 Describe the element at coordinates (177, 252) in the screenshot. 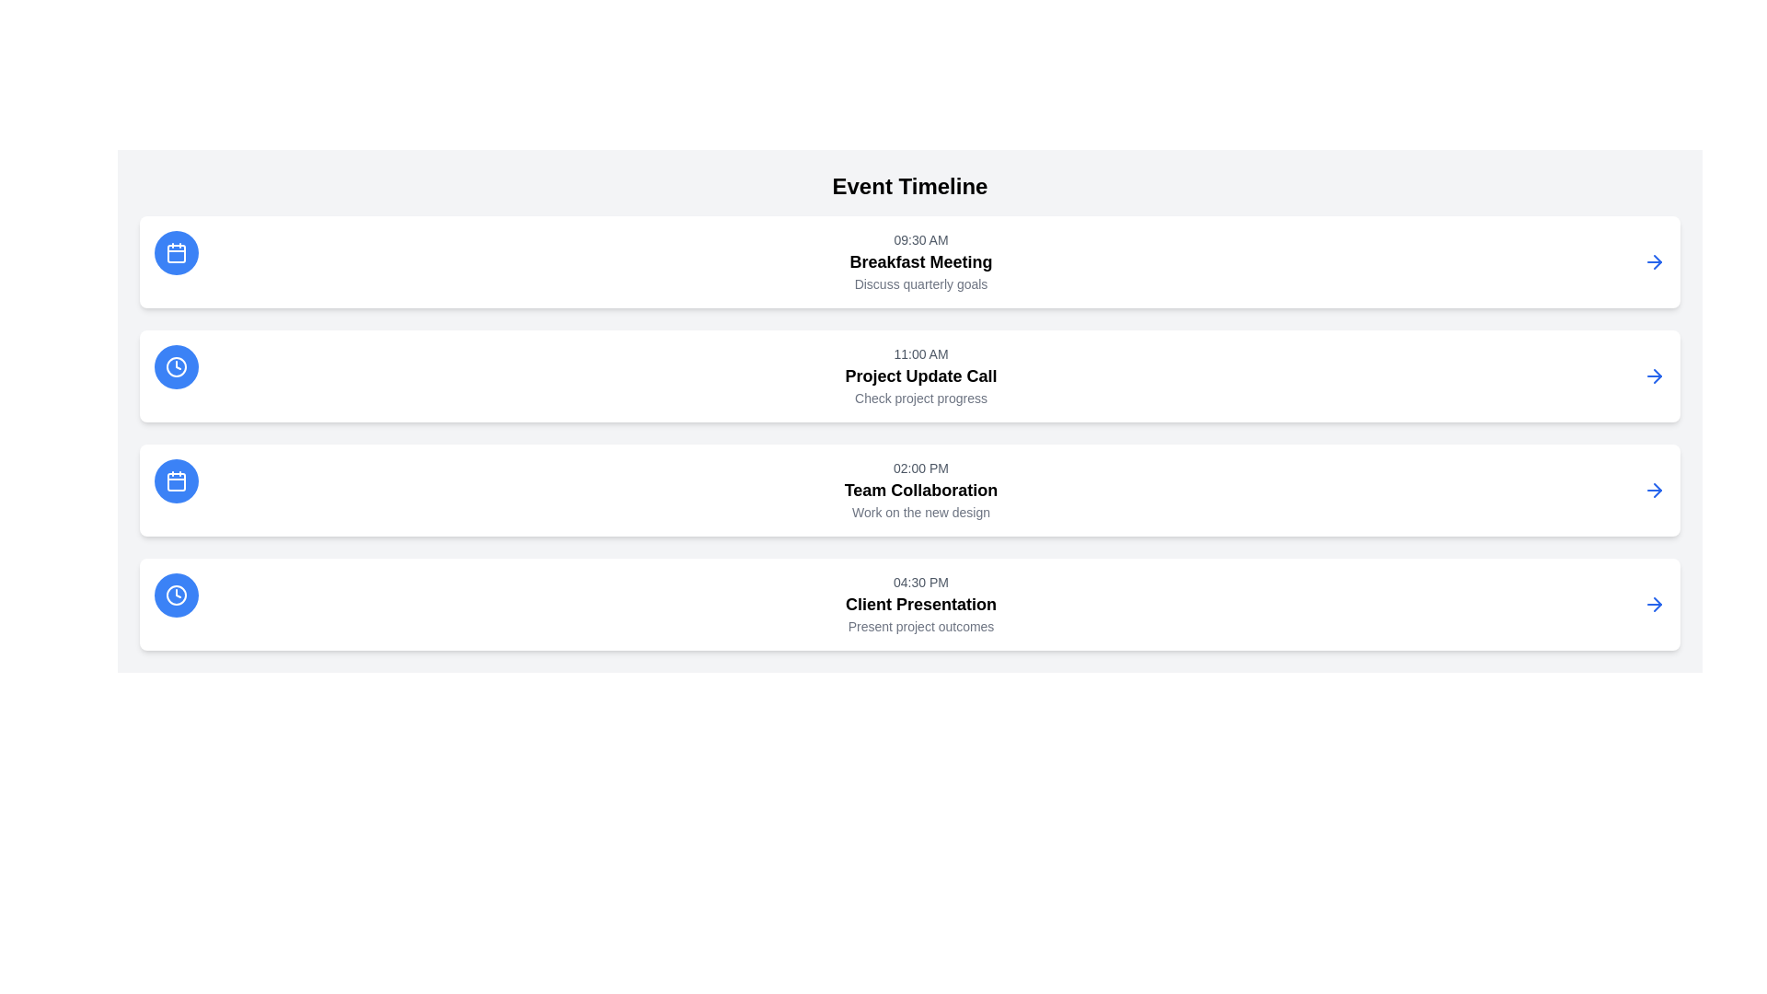

I see `the circular button icon representing the 'Breakfast Meeting' event located at the topmost left corner of the list items` at that location.